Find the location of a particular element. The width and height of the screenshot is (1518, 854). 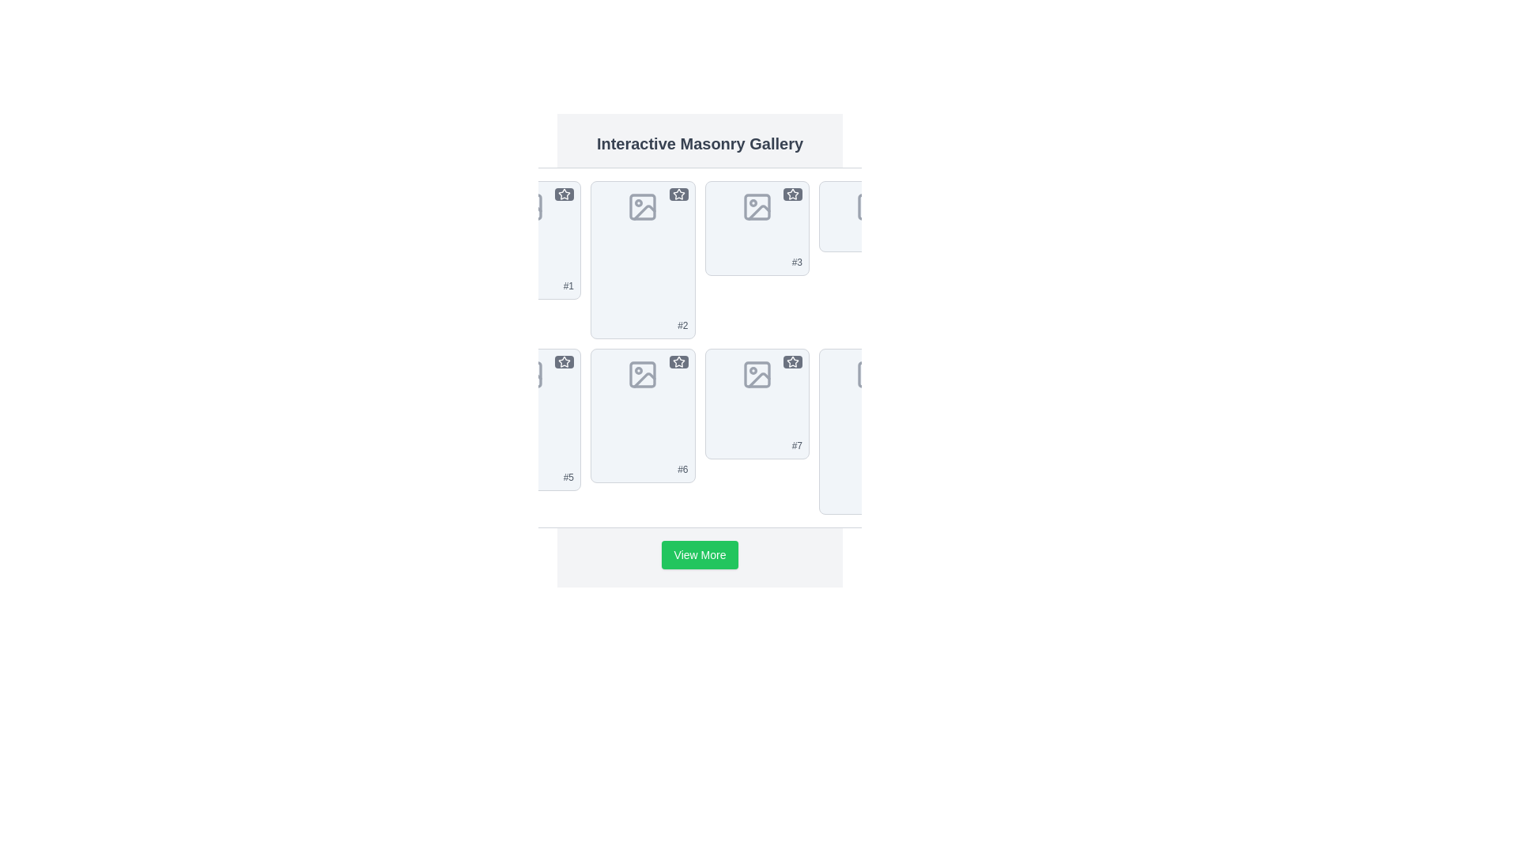

the image placeholder icon within the sixth card of the Interactive Masonry Gallery, located in the lower-middle section of the grid is located at coordinates (643, 375).